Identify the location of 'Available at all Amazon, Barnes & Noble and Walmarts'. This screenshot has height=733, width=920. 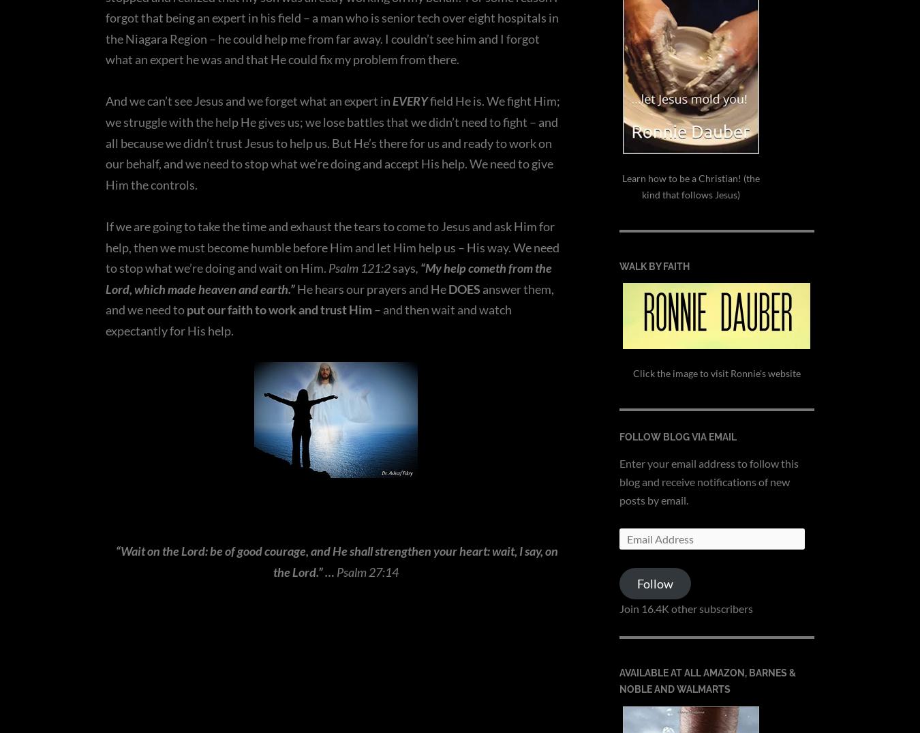
(707, 680).